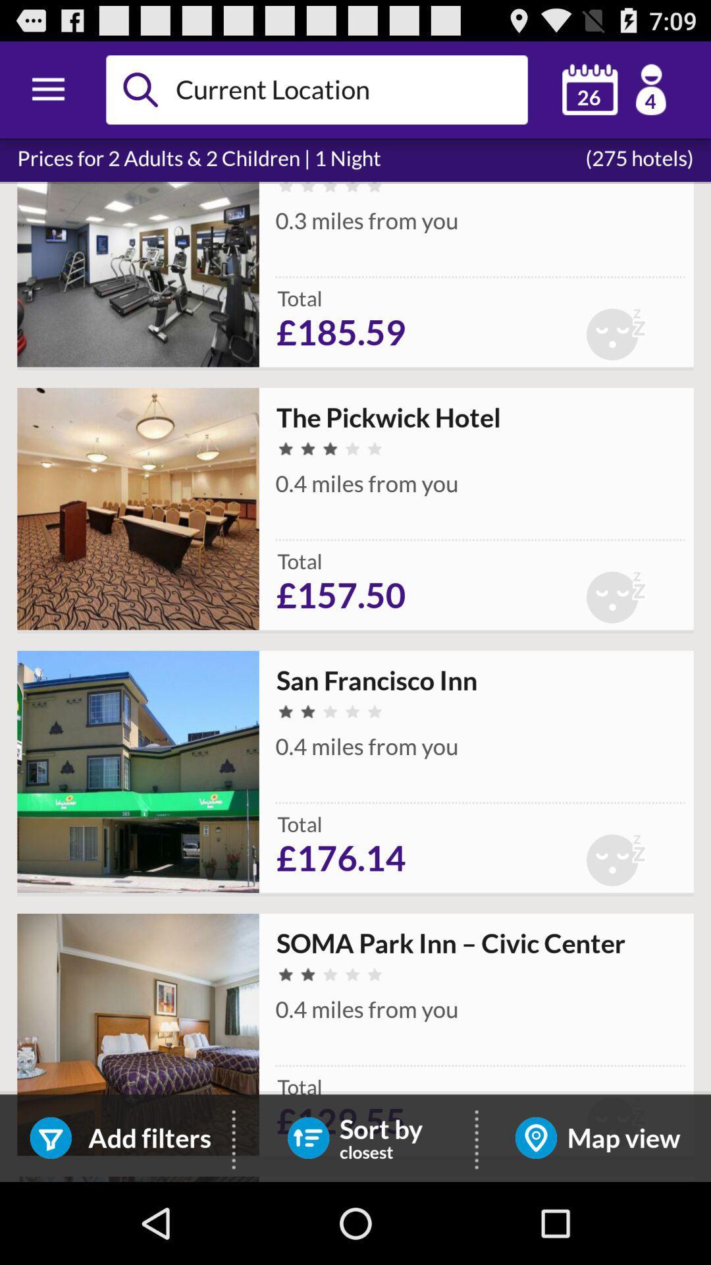 The height and width of the screenshot is (1265, 711). What do you see at coordinates (138, 508) in the screenshot?
I see `second image` at bounding box center [138, 508].